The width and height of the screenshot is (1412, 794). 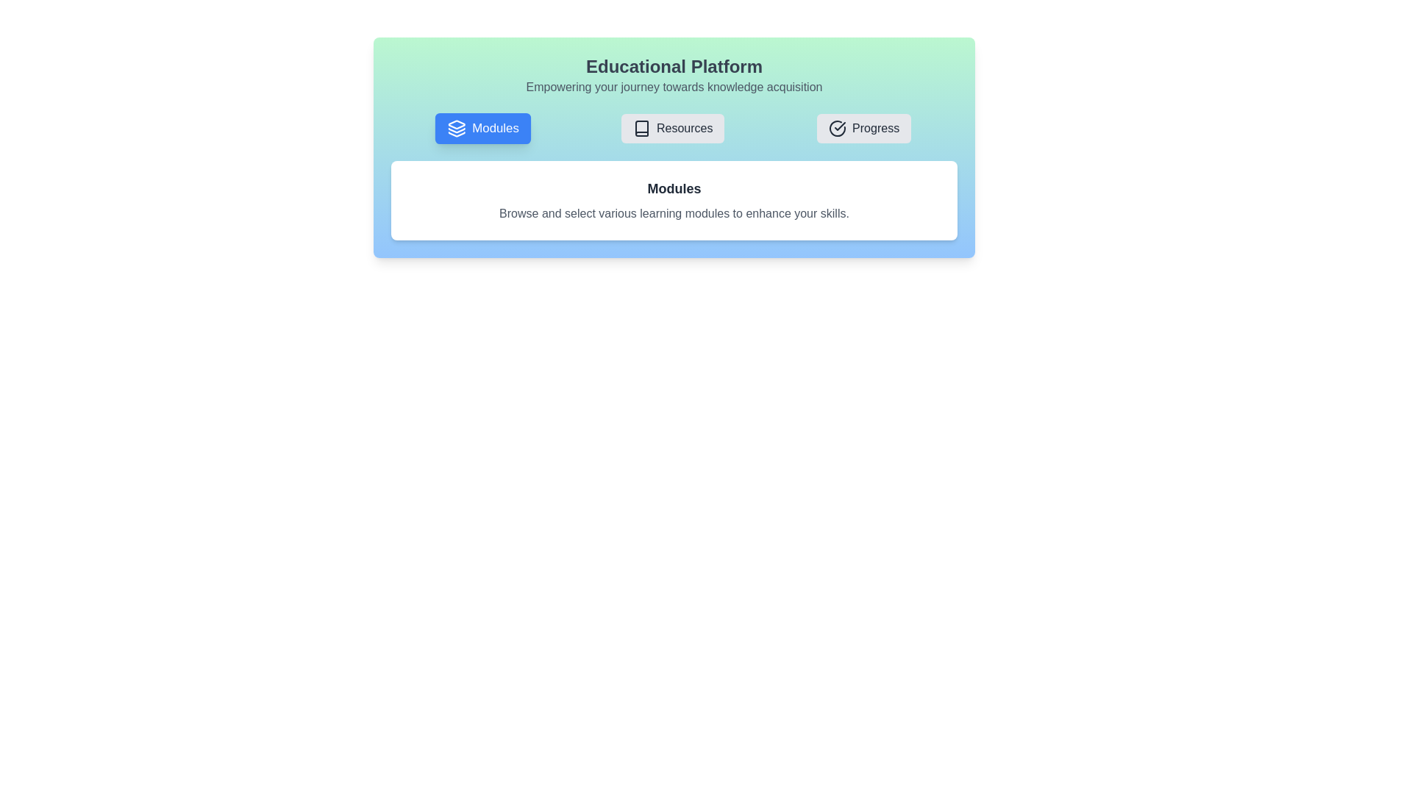 What do you see at coordinates (483, 127) in the screenshot?
I see `the tab button labeled Modules` at bounding box center [483, 127].